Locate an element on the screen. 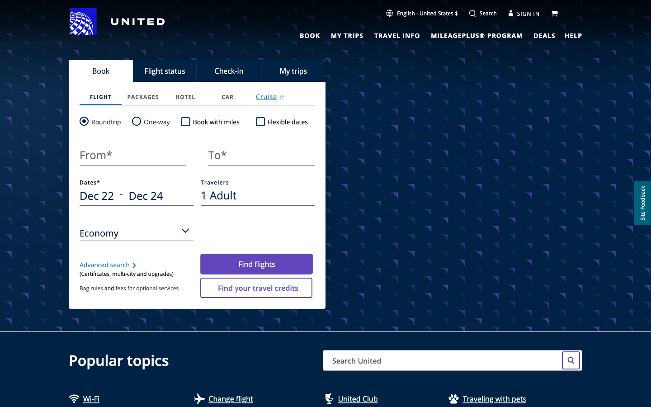  Head to United Club Site is located at coordinates (378, 400).